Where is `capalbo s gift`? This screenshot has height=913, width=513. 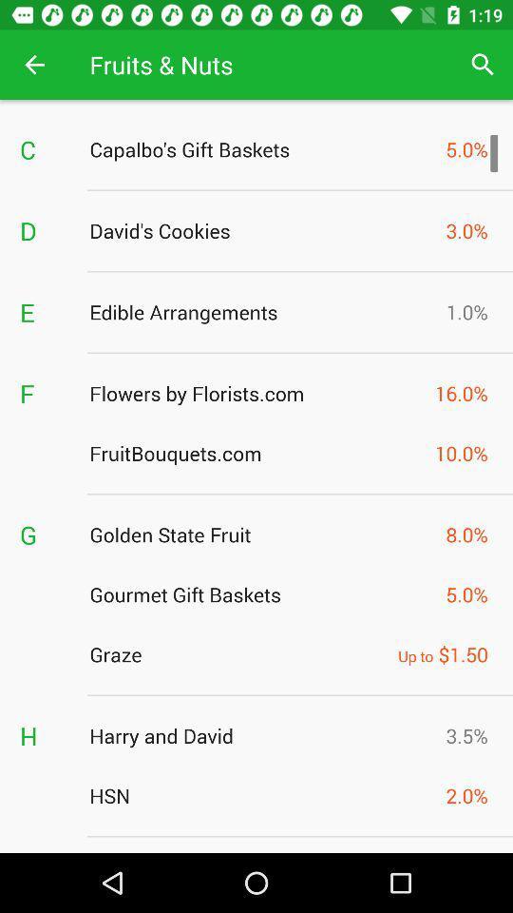 capalbo s gift is located at coordinates (261, 148).